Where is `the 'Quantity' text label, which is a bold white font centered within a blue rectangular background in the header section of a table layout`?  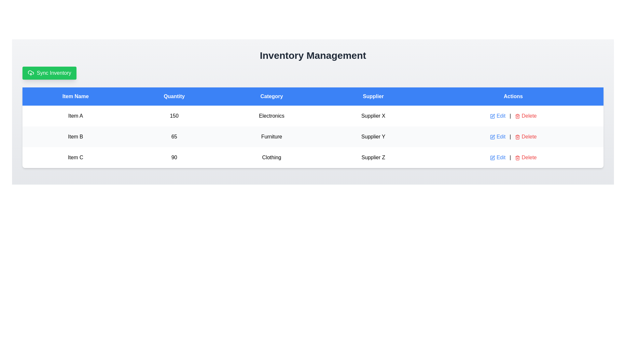 the 'Quantity' text label, which is a bold white font centered within a blue rectangular background in the header section of a table layout is located at coordinates (174, 97).